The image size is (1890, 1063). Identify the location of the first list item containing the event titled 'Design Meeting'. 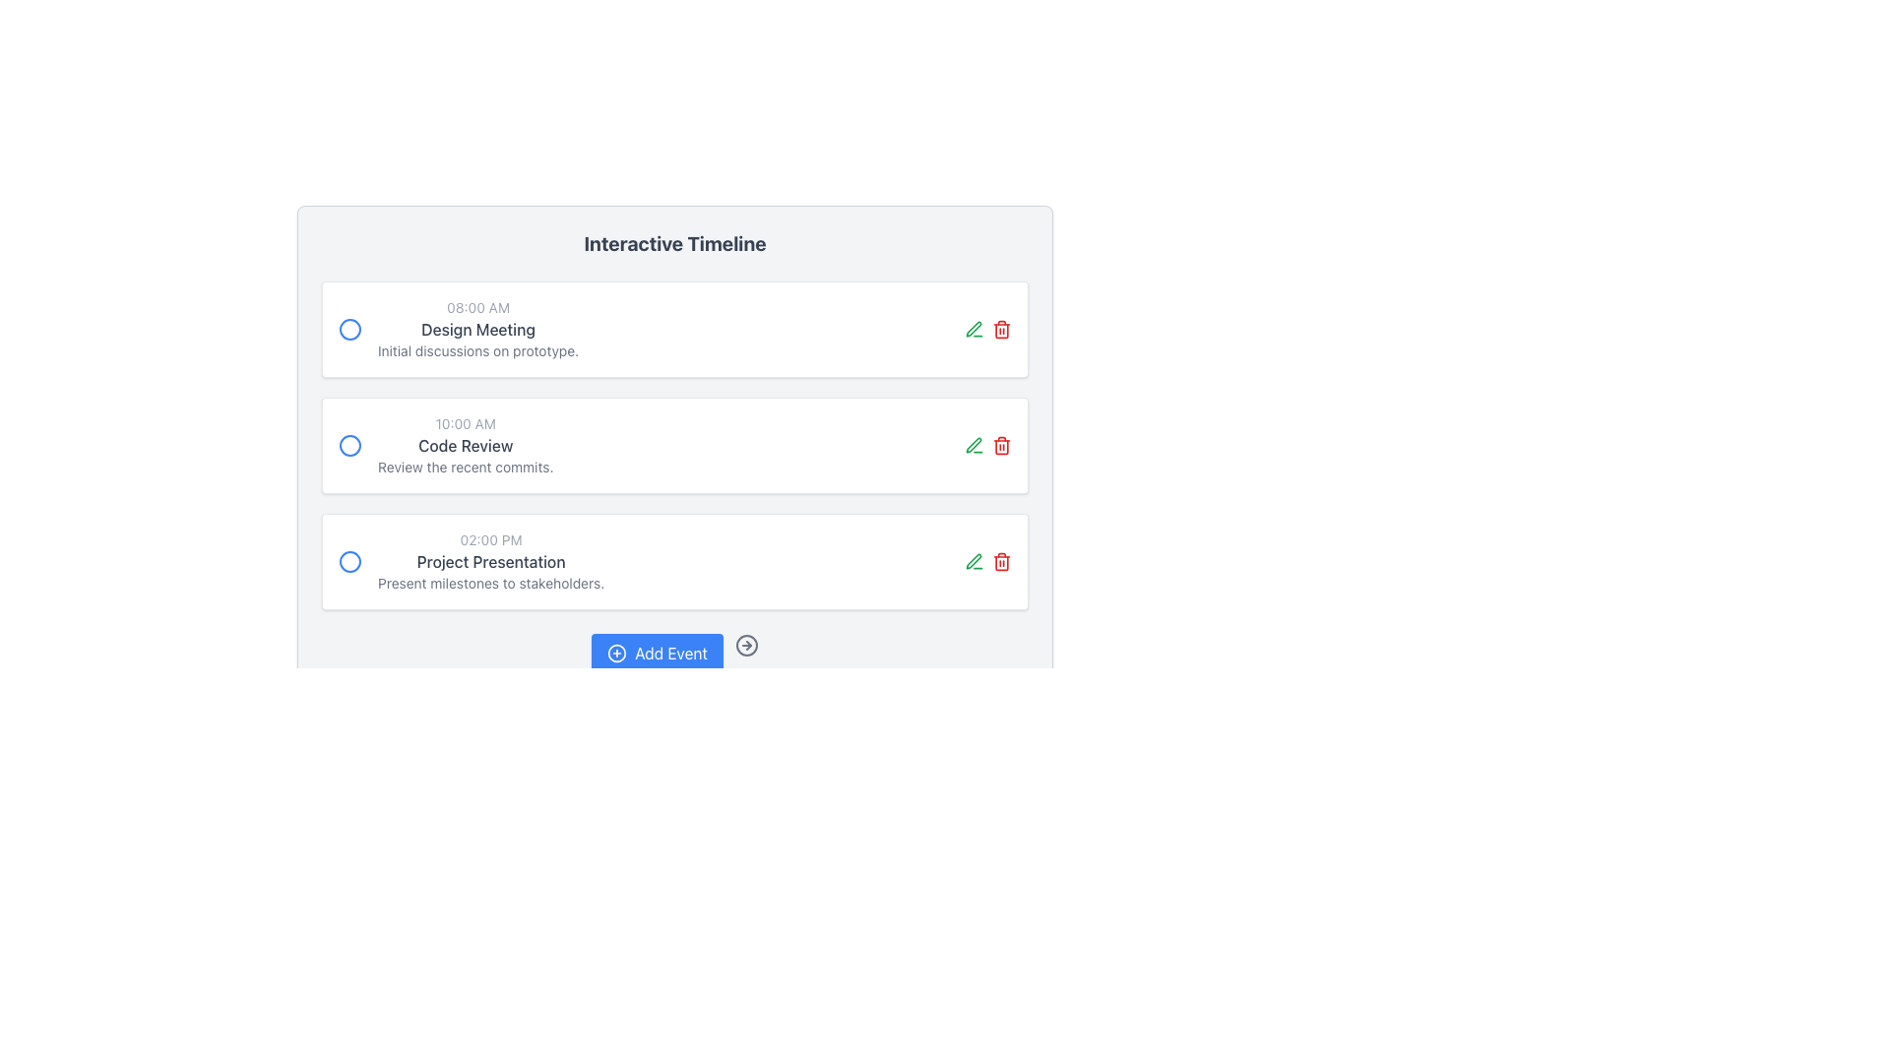
(458, 329).